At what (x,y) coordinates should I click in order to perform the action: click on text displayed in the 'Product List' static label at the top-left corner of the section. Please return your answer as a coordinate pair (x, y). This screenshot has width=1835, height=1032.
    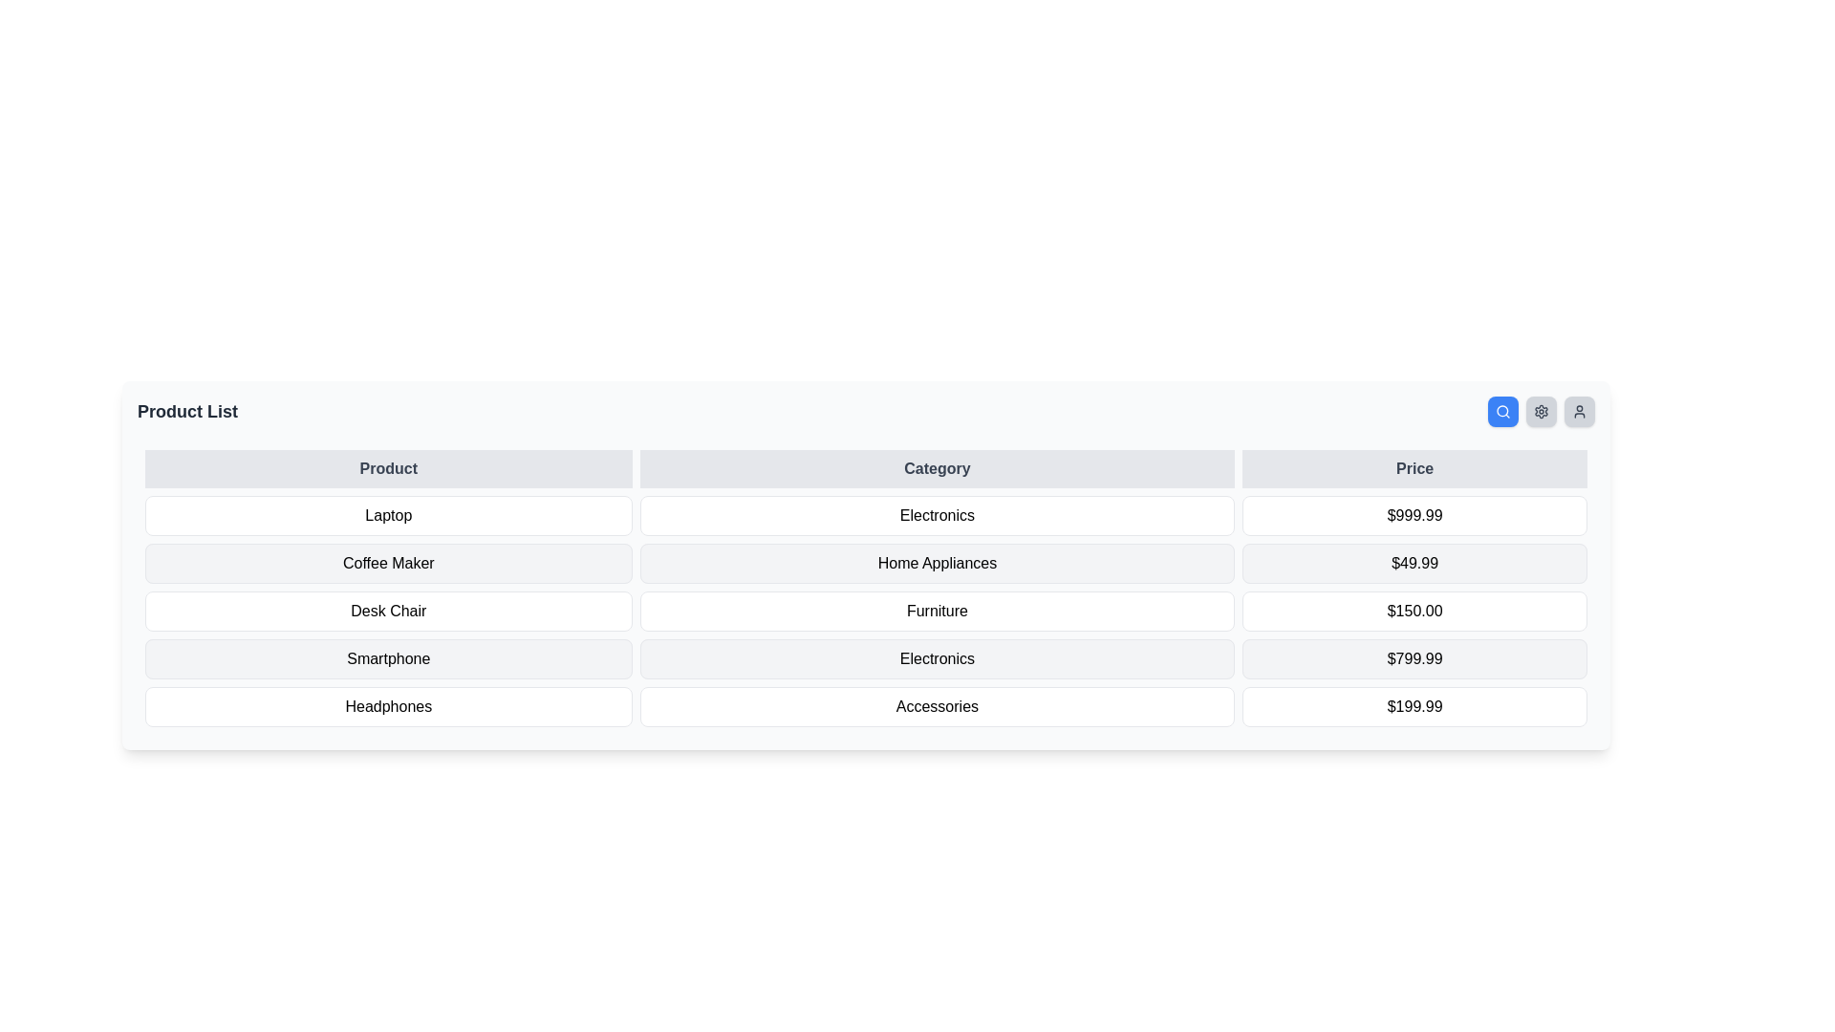
    Looking at the image, I should click on (187, 411).